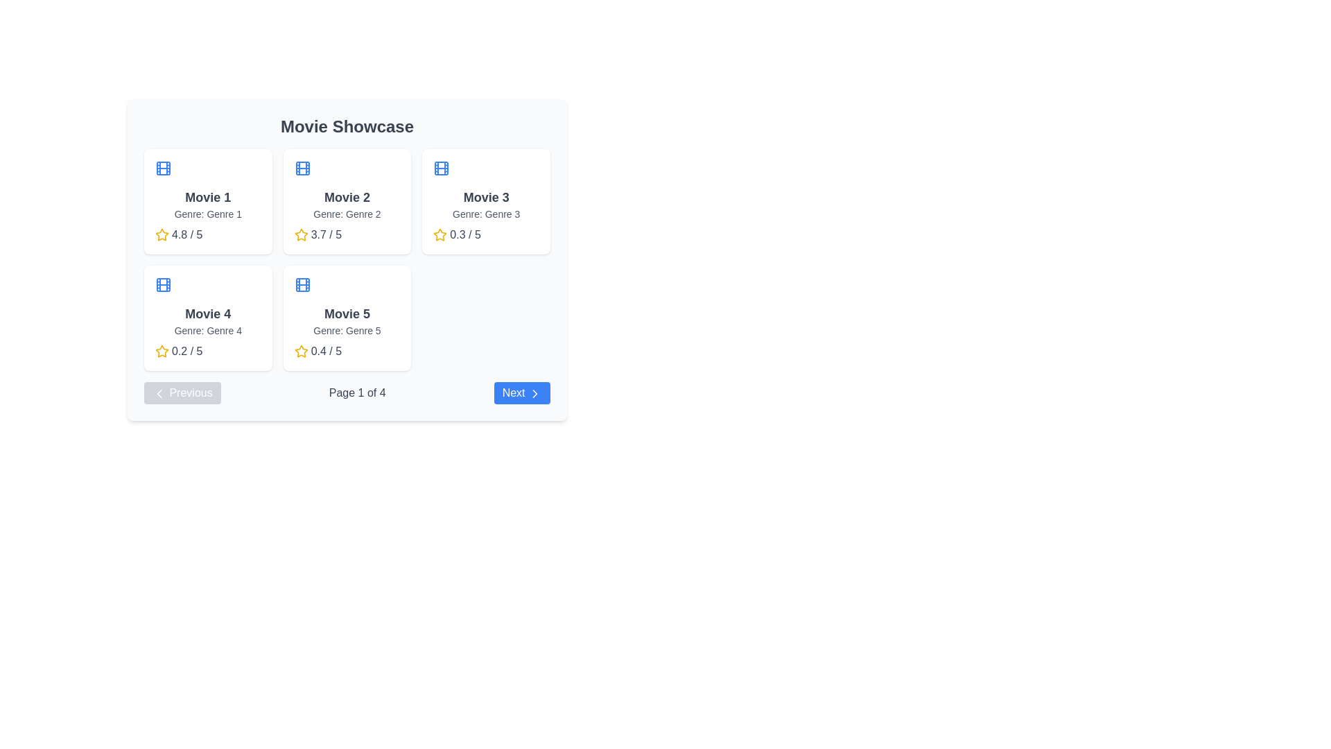 This screenshot has width=1331, height=749. I want to click on the movie card that presents a specific movie's title, genre, and rating, located in the bottom-right position of the grid layout, so click(347, 318).